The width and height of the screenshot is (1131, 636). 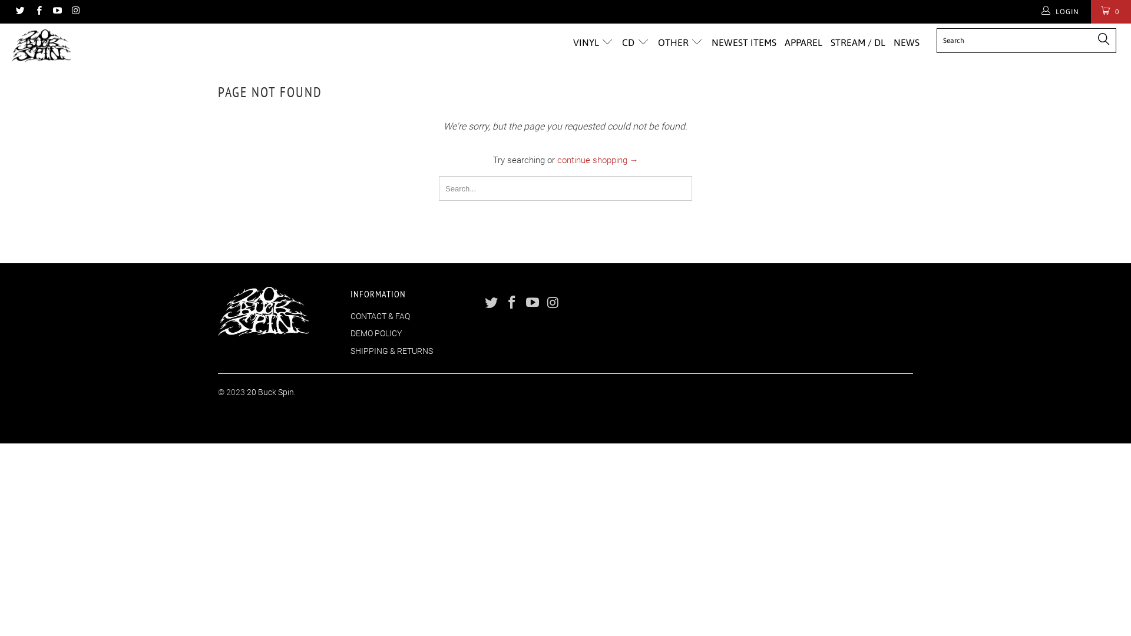 What do you see at coordinates (802, 42) in the screenshot?
I see `'APPAREL'` at bounding box center [802, 42].